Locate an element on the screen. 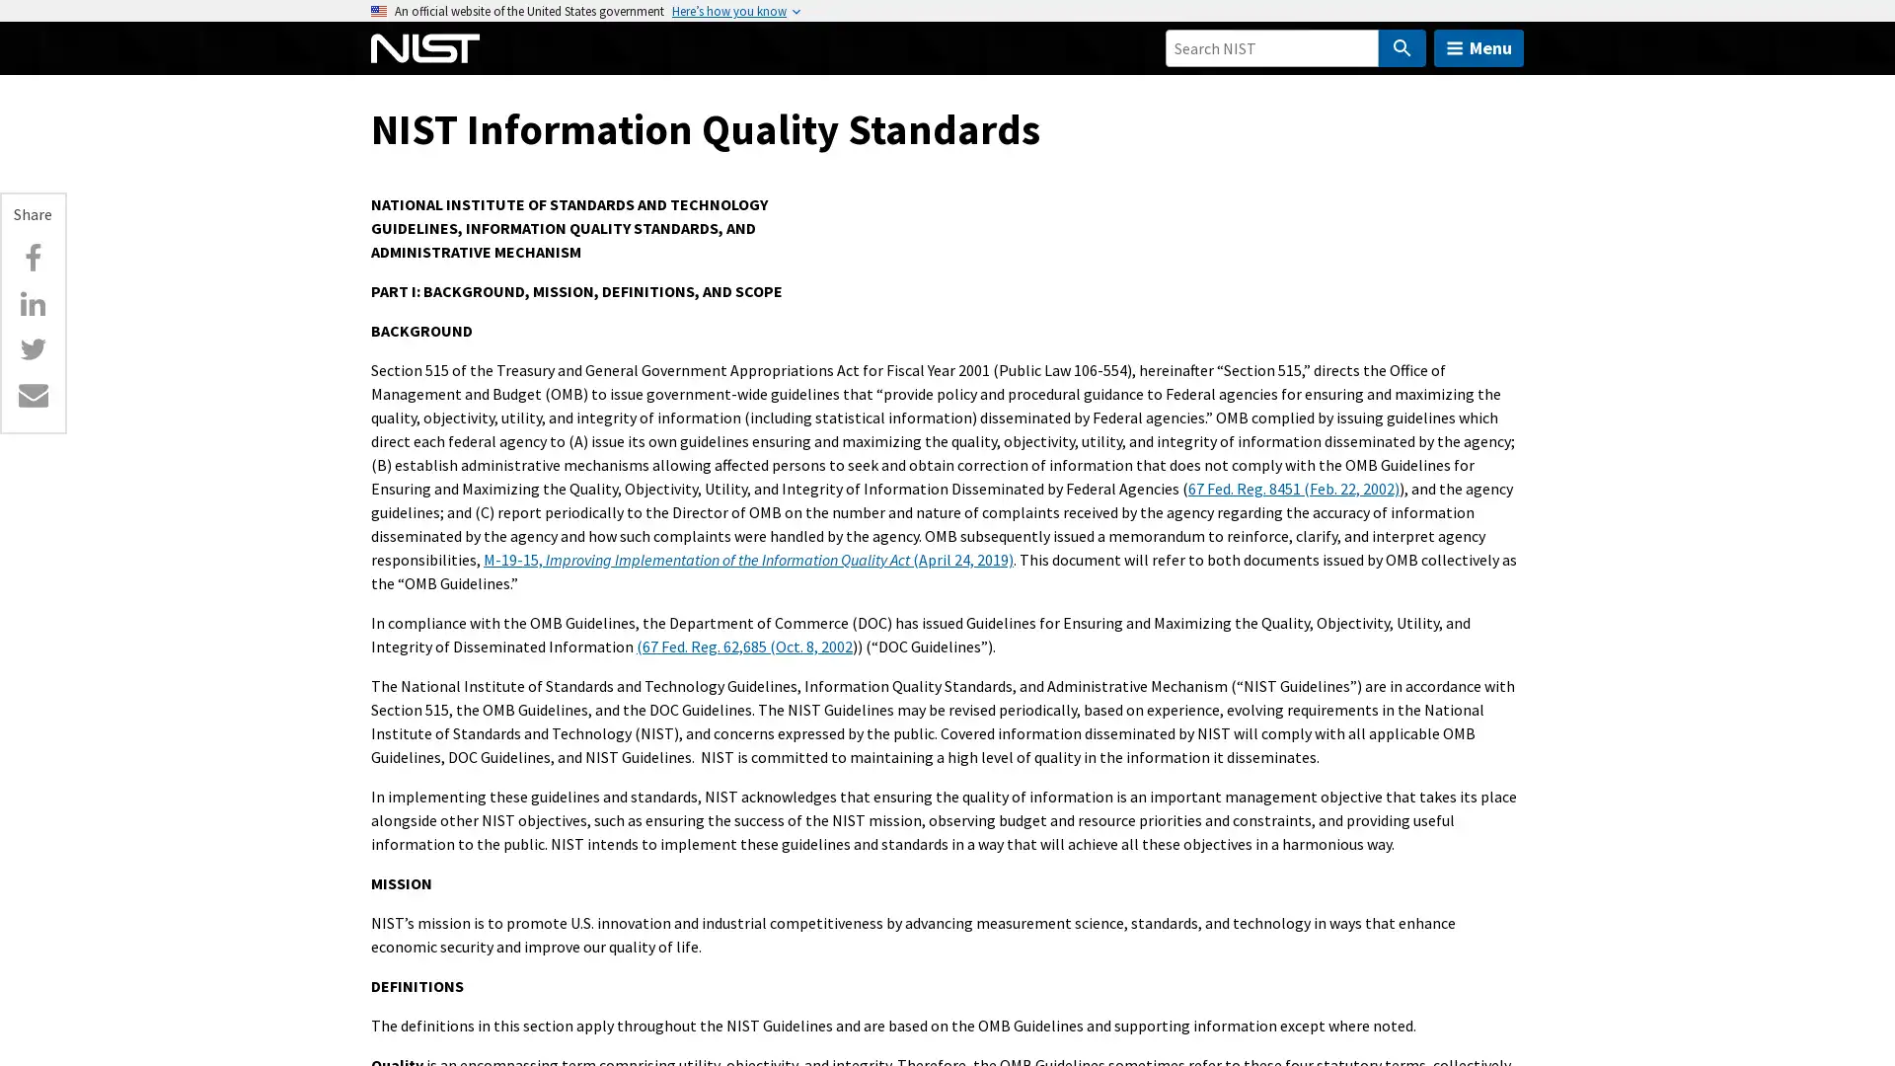 This screenshot has height=1066, width=1895. Search is located at coordinates (1401, 47).